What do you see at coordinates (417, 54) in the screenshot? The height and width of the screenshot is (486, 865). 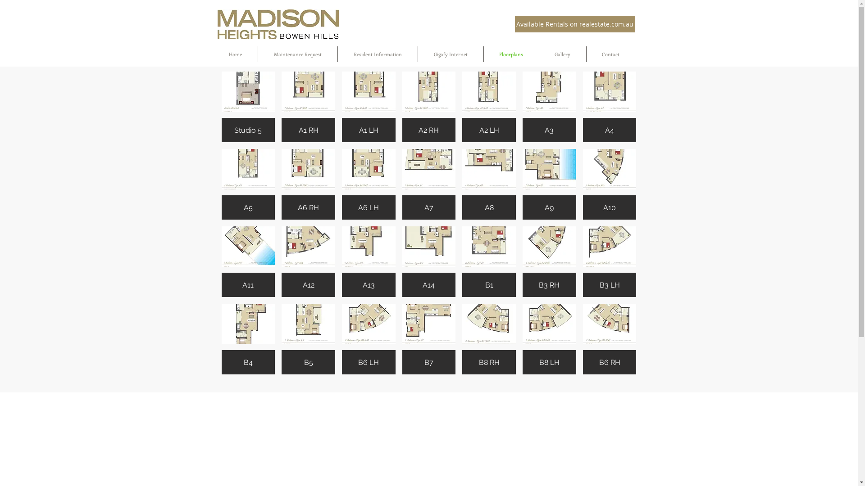 I see `'Gigafy Internet'` at bounding box center [417, 54].